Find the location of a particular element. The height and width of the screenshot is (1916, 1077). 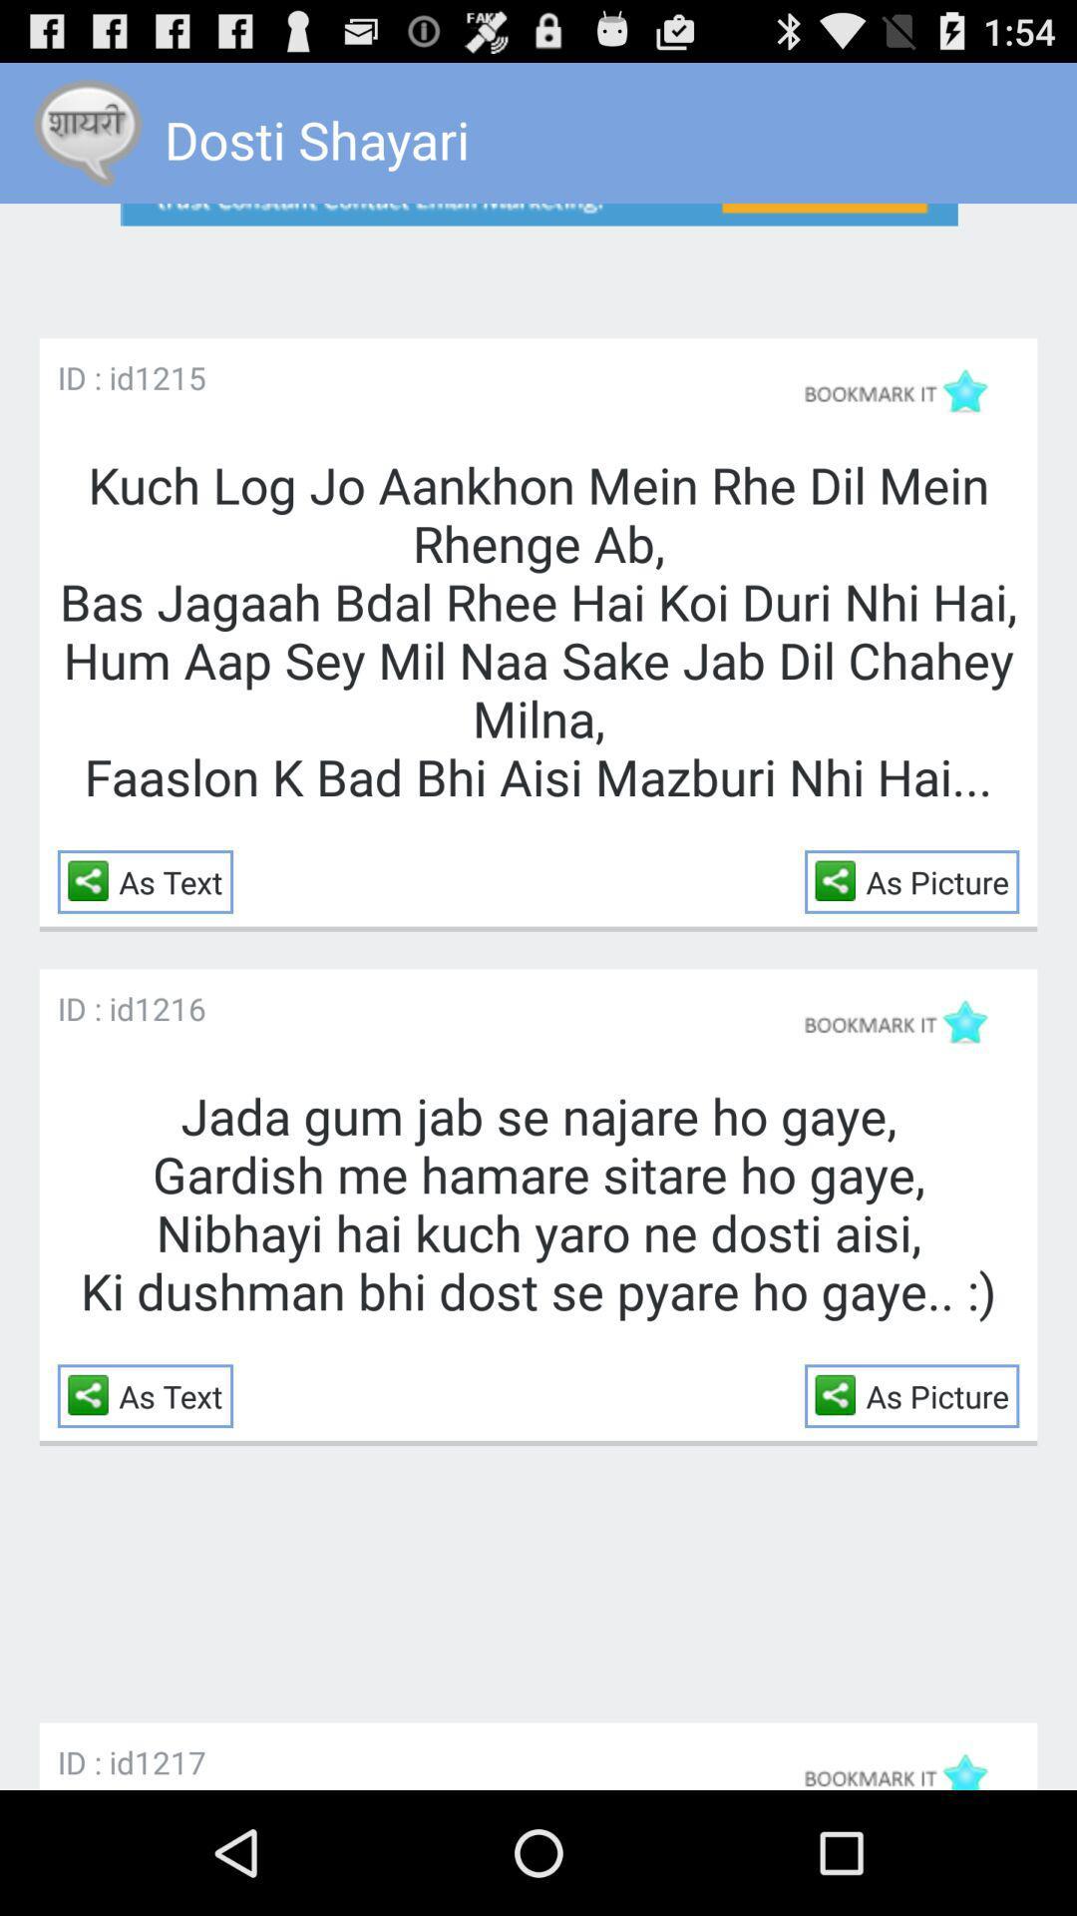

advertisement is located at coordinates (538, 252).